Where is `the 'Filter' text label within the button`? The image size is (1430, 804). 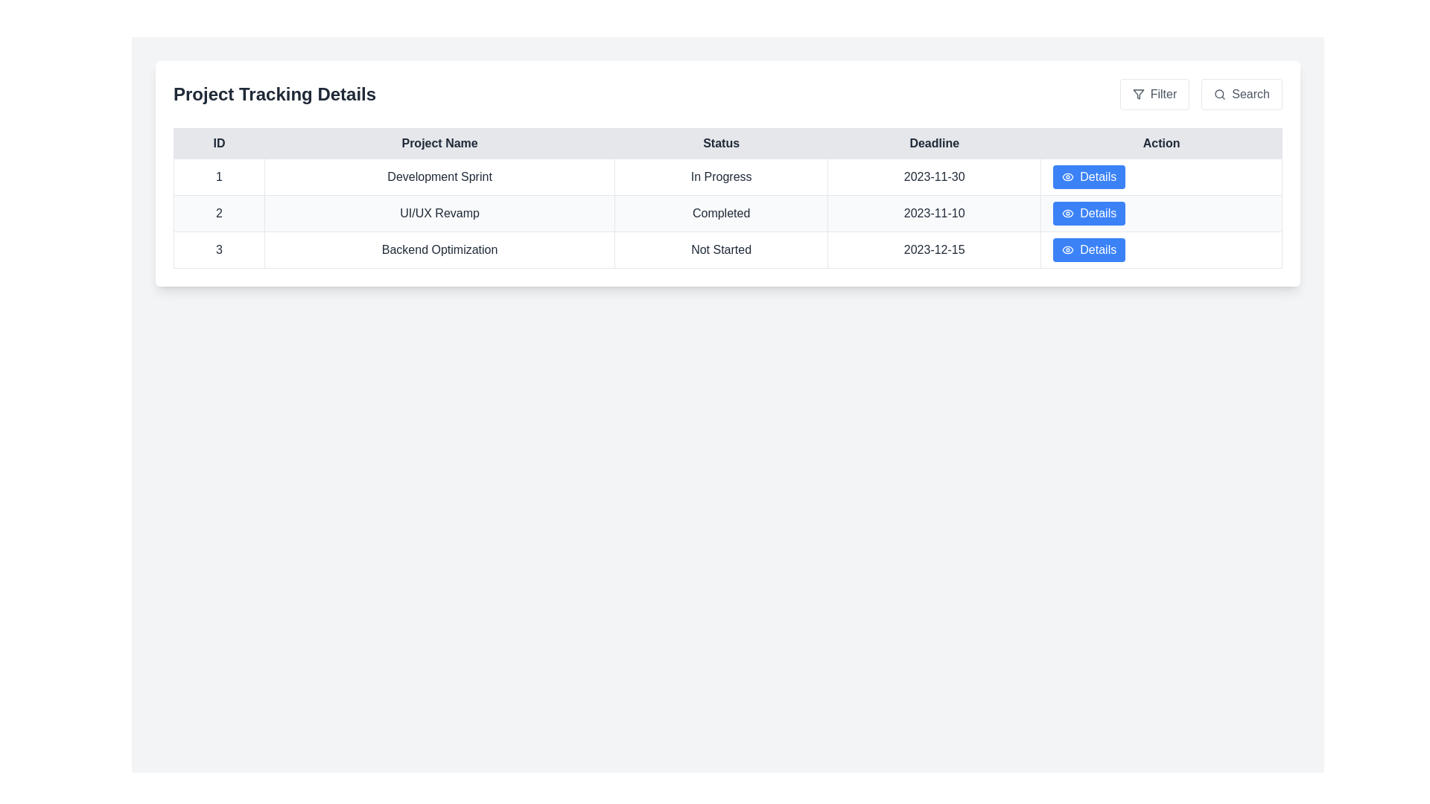
the 'Filter' text label within the button is located at coordinates (1162, 95).